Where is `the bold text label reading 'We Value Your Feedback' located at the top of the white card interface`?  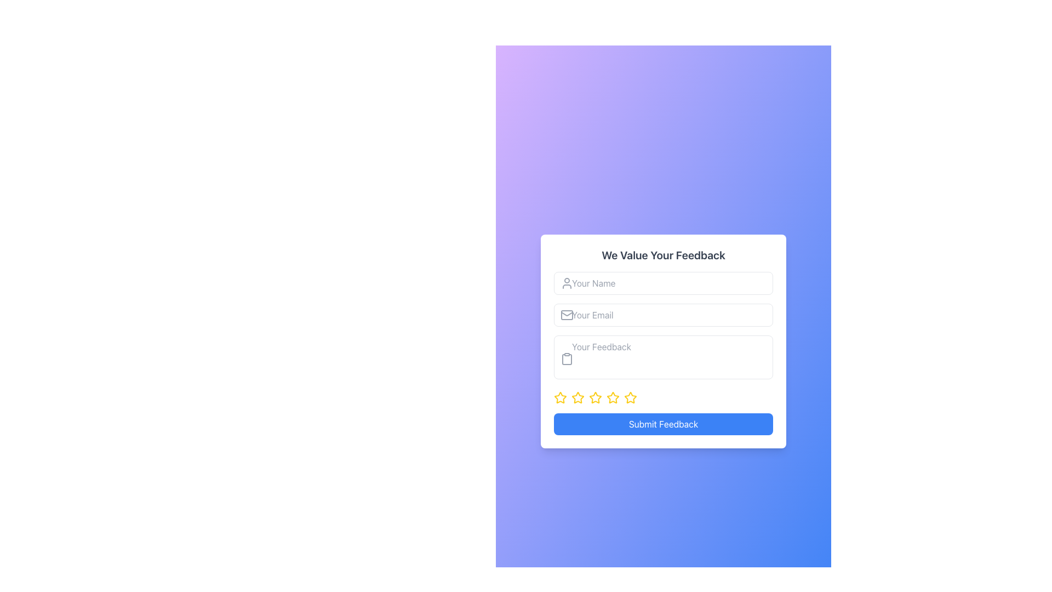 the bold text label reading 'We Value Your Feedback' located at the top of the white card interface is located at coordinates (662, 255).